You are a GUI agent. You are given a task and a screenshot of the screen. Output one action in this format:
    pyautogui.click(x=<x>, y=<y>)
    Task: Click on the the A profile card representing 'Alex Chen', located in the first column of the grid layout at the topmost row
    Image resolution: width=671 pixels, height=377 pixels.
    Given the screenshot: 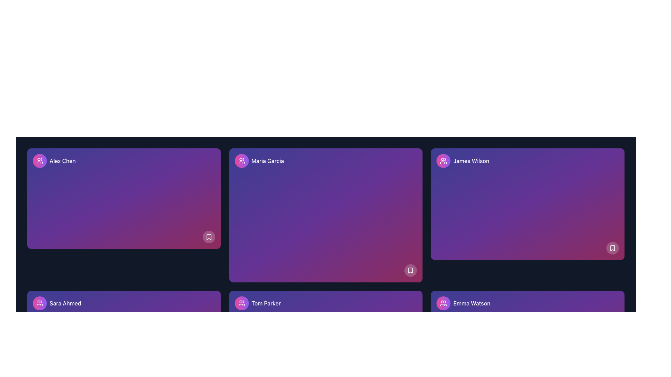 What is the action you would take?
    pyautogui.click(x=124, y=199)
    